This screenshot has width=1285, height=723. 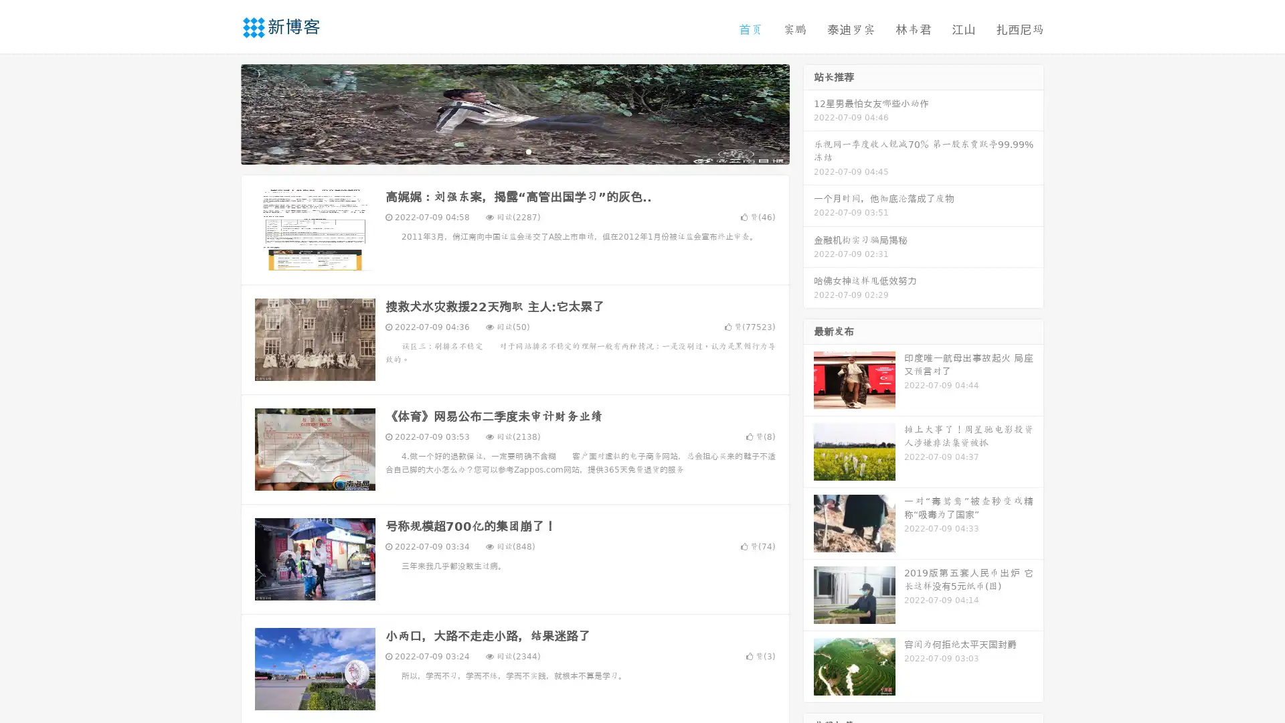 What do you see at coordinates (221, 112) in the screenshot?
I see `Previous slide` at bounding box center [221, 112].